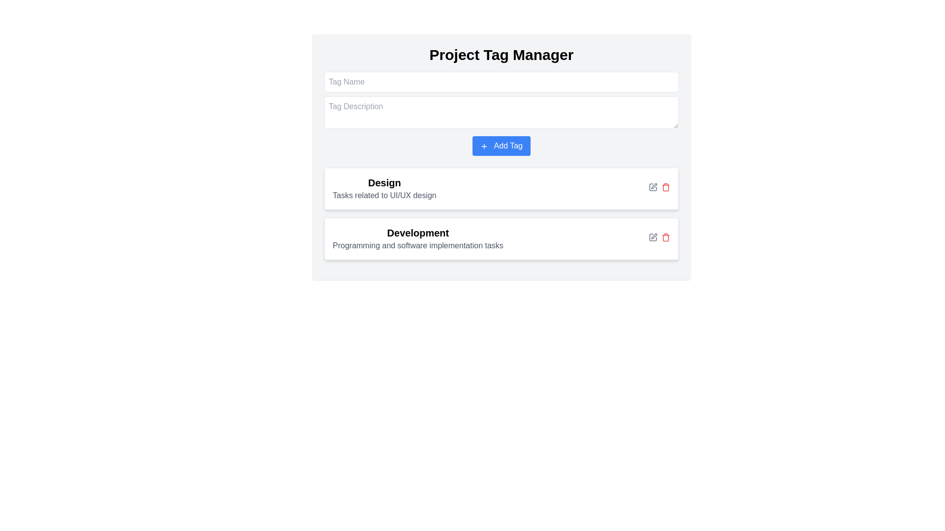 Image resolution: width=945 pixels, height=531 pixels. What do you see at coordinates (666, 237) in the screenshot?
I see `the delete icon button located at the far right of the second list item` at bounding box center [666, 237].